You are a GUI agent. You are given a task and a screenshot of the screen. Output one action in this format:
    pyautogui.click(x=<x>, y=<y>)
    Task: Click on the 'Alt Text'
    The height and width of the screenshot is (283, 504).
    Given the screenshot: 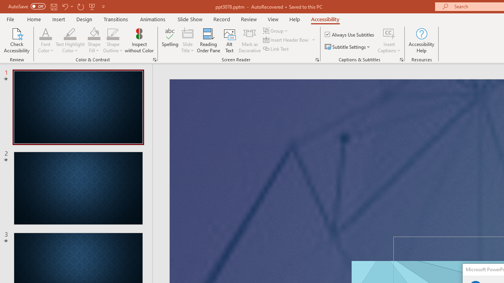 What is the action you would take?
    pyautogui.click(x=229, y=40)
    